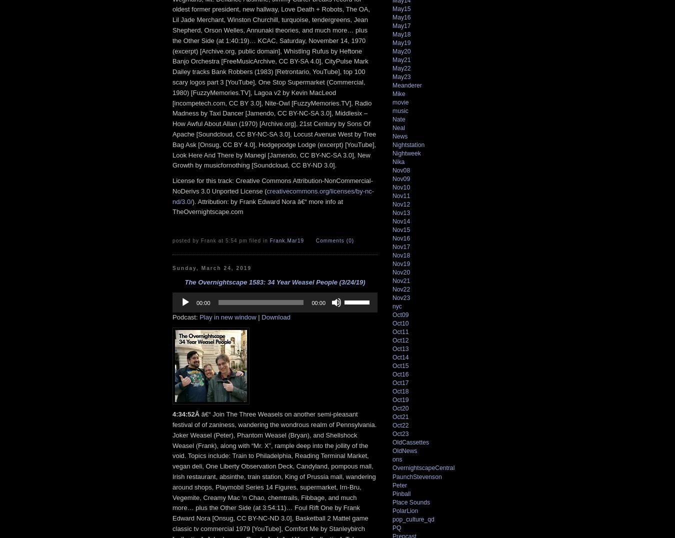 This screenshot has width=675, height=538. I want to click on 'Oct16', so click(400, 374).